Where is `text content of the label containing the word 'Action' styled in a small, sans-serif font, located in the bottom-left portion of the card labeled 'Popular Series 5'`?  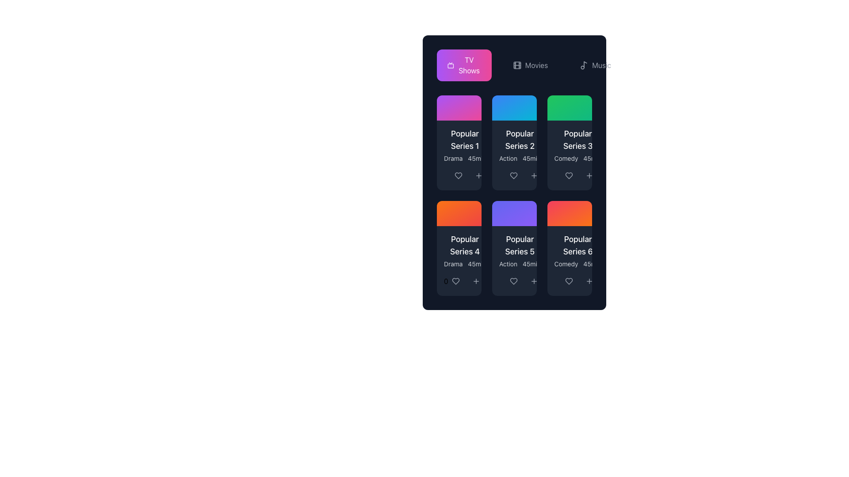
text content of the label containing the word 'Action' styled in a small, sans-serif font, located in the bottom-left portion of the card labeled 'Popular Series 5' is located at coordinates (508, 158).